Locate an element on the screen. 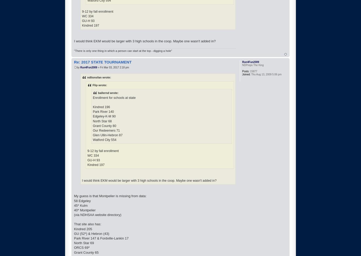  'Kindred 205' is located at coordinates (83, 229).